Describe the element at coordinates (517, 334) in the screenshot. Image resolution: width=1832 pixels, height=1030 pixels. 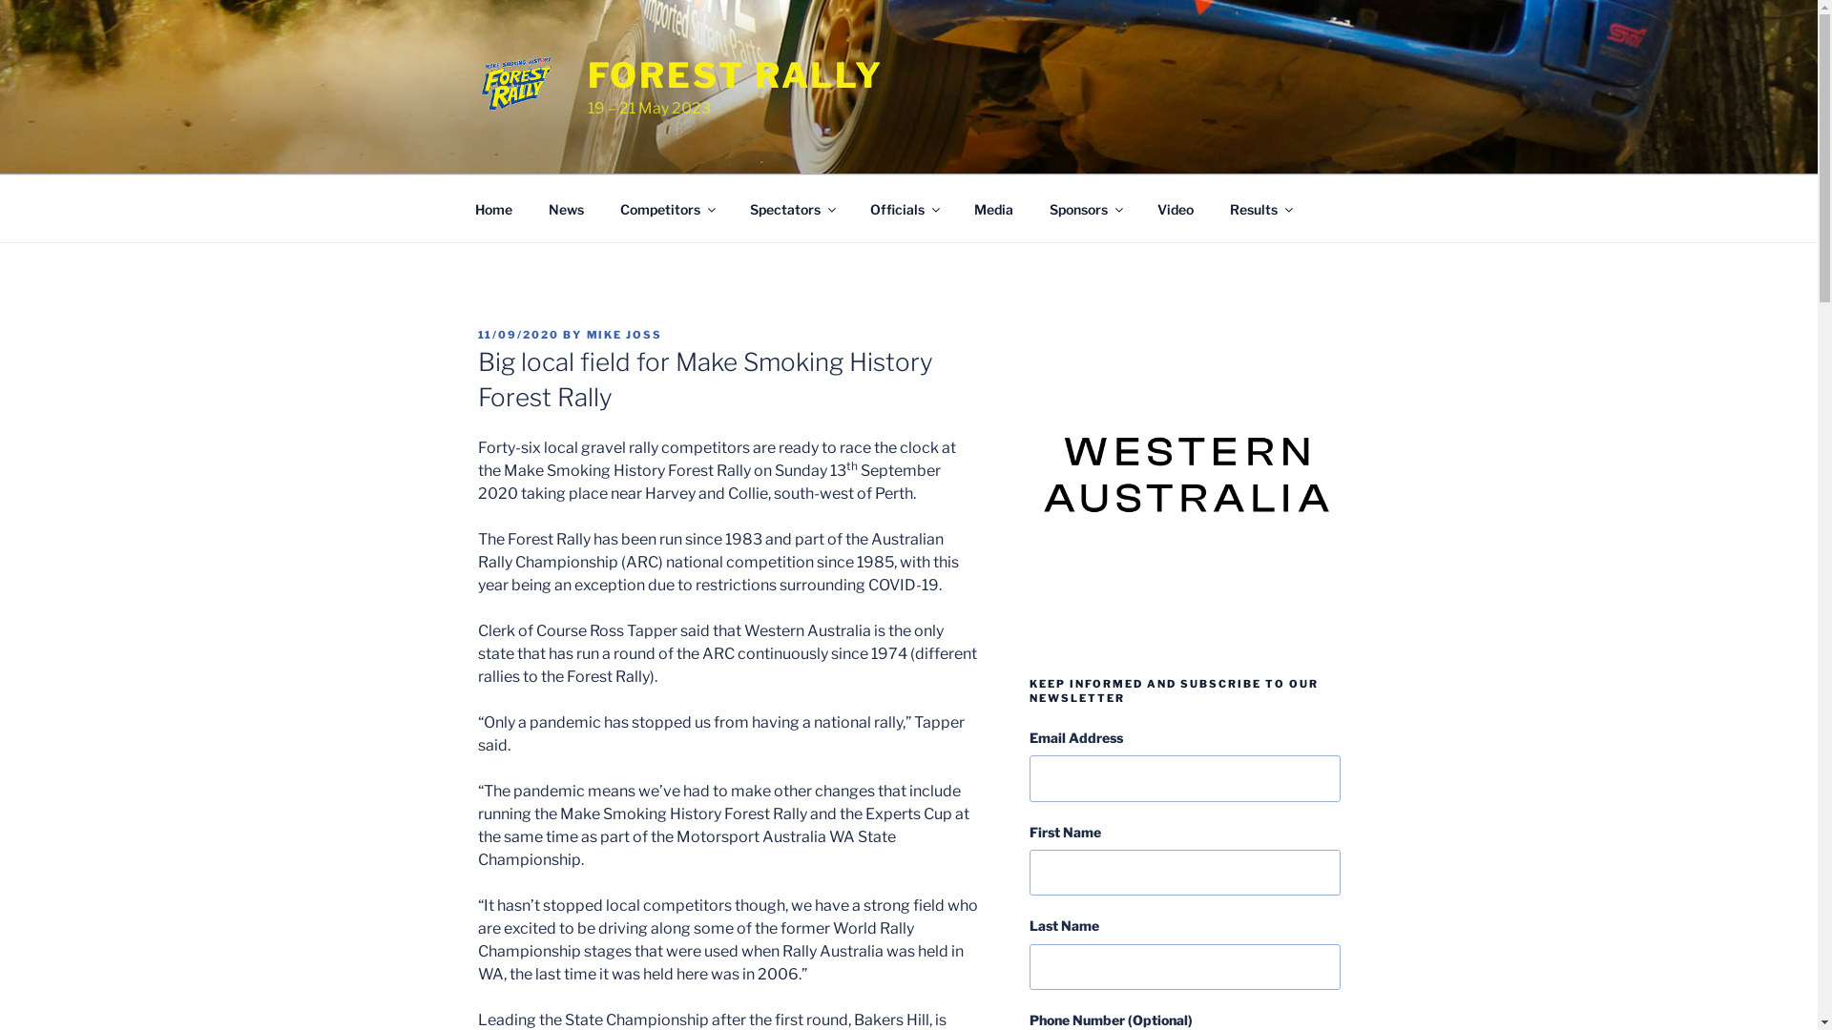
I see `'11/09/2020'` at that location.